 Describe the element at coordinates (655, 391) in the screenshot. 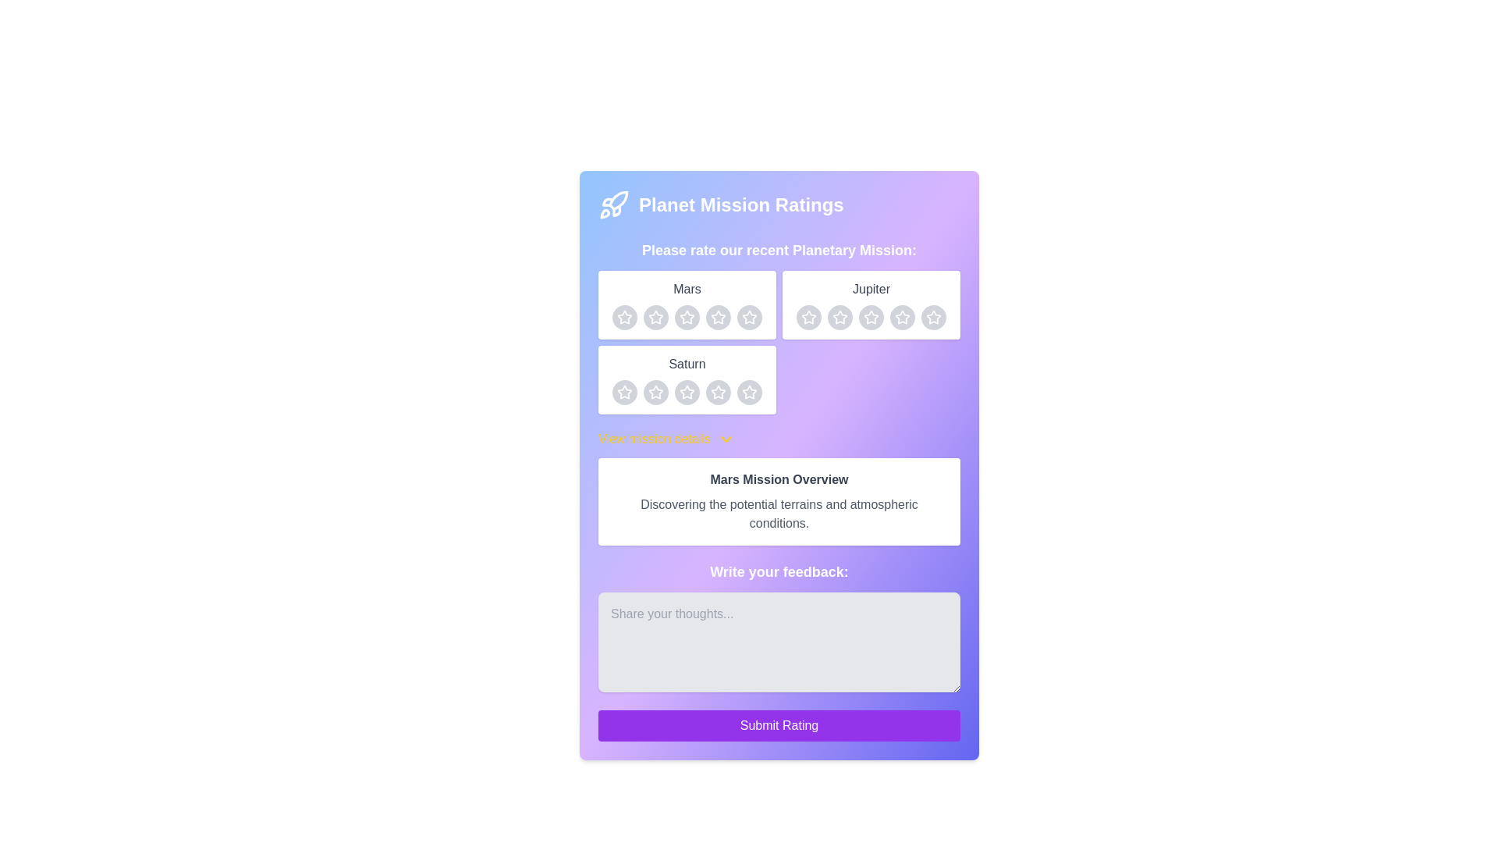

I see `the third star from the left in the horizontal row of stars under the label 'Saturn'` at that location.